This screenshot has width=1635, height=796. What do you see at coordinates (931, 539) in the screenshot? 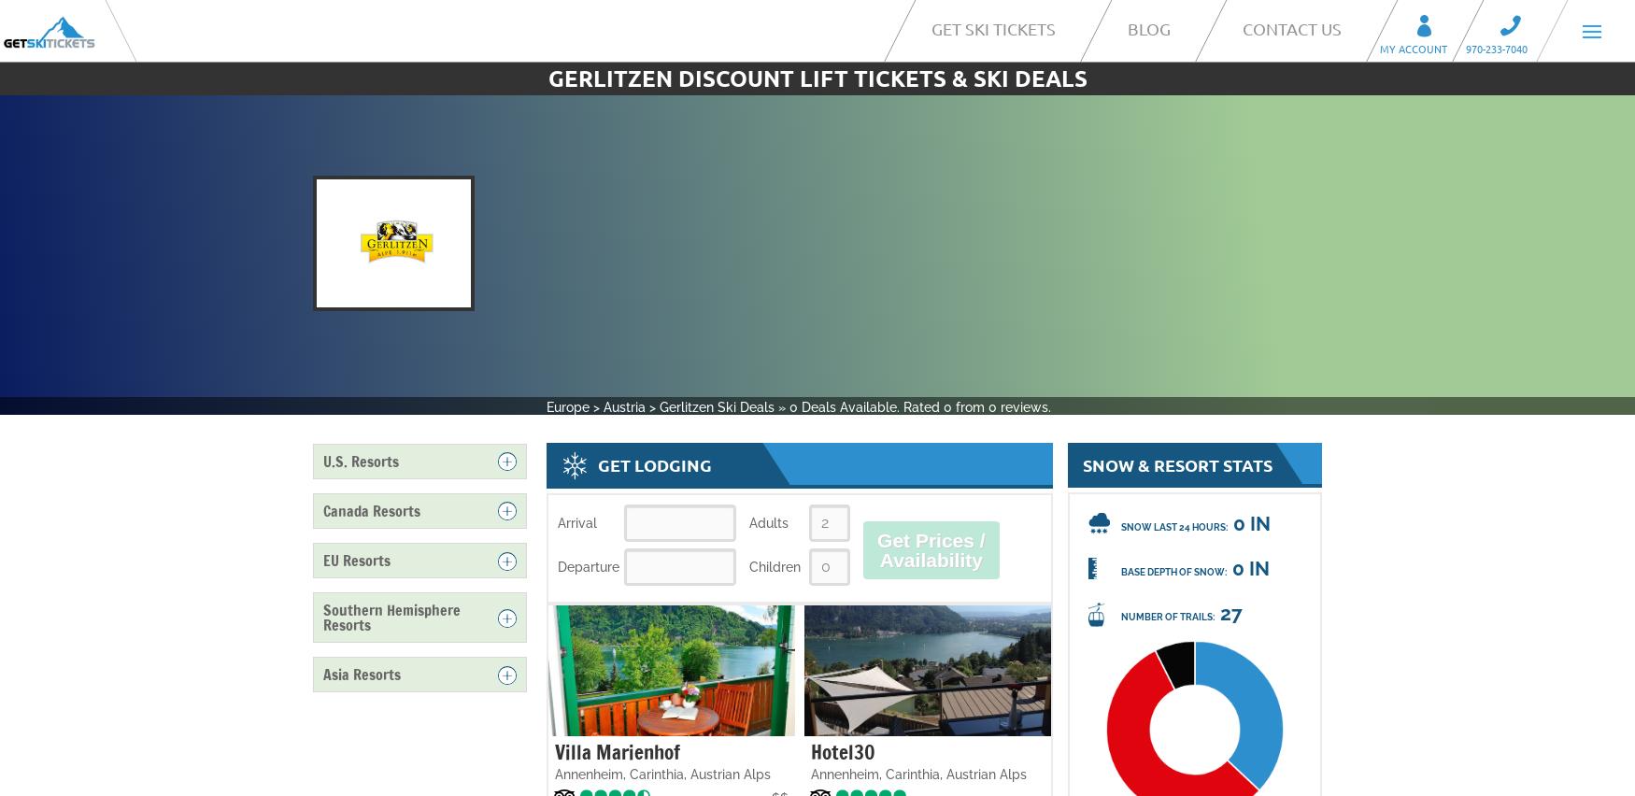
I see `'Get Prices /'` at bounding box center [931, 539].